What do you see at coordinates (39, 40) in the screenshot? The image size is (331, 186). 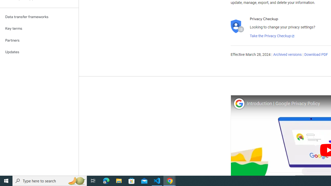 I see `'Partners'` at bounding box center [39, 40].